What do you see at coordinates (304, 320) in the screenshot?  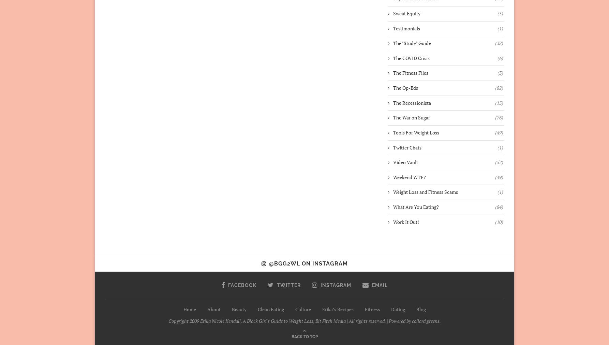 I see `'Copyright 2009 Erika Nicole Kendall, A Black Girl's Guide to Weight Loss, Bit Fitch Media | All rights reserved. | Powered by collard greens.'` at bounding box center [304, 320].